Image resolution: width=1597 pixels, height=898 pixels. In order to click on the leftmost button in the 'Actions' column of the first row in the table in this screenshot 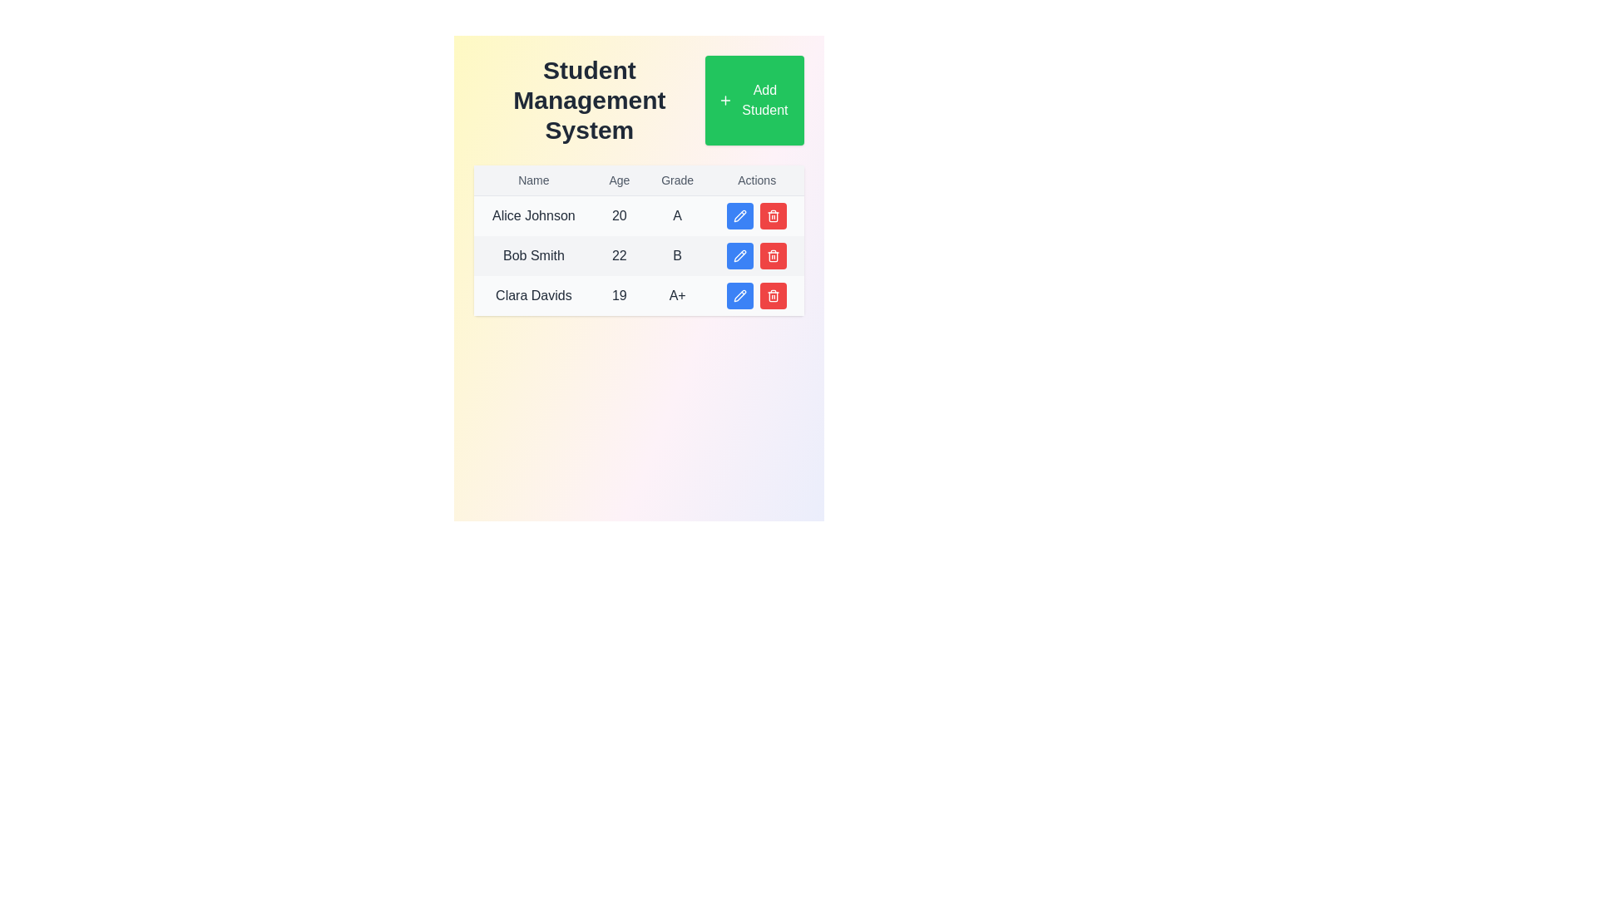, I will do `click(739, 215)`.